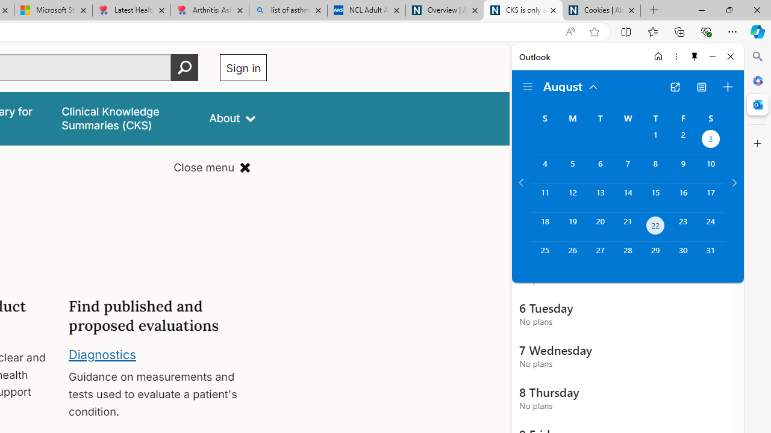 This screenshot has width=771, height=433. Describe the element at coordinates (102, 353) in the screenshot. I see `'Diagnostics'` at that location.